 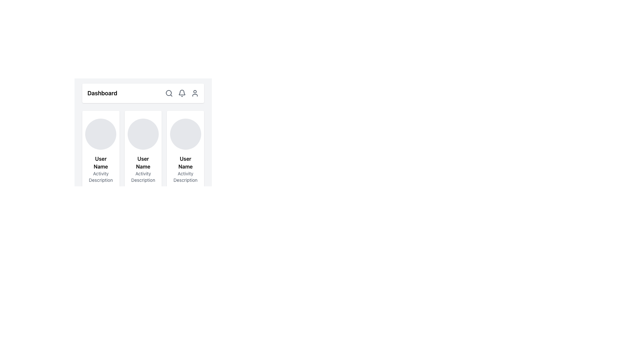 What do you see at coordinates (143, 128) in the screenshot?
I see `the user profile preview card component located below the 'Dashboard' header, specifically the second card in the center column of the grid layout` at bounding box center [143, 128].